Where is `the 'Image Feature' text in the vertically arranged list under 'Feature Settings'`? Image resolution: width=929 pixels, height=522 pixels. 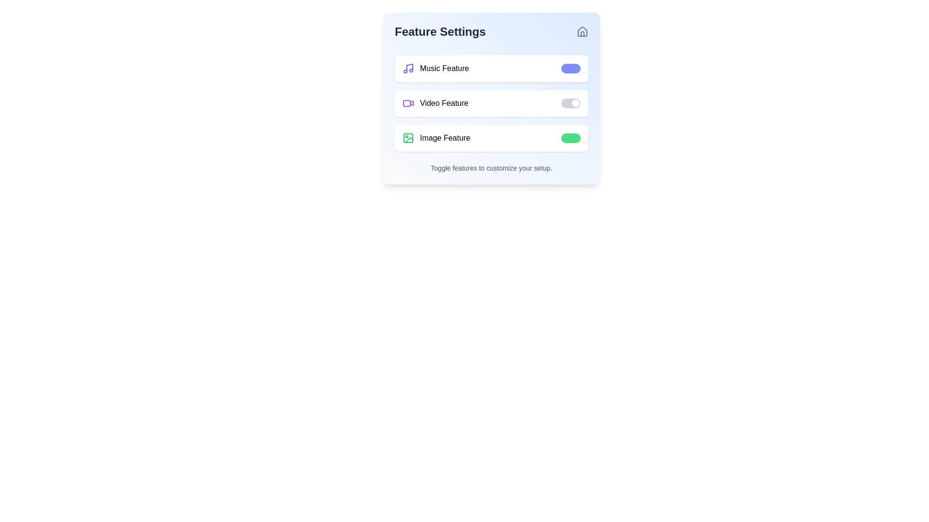
the 'Image Feature' text in the vertically arranged list under 'Feature Settings' is located at coordinates (436, 138).